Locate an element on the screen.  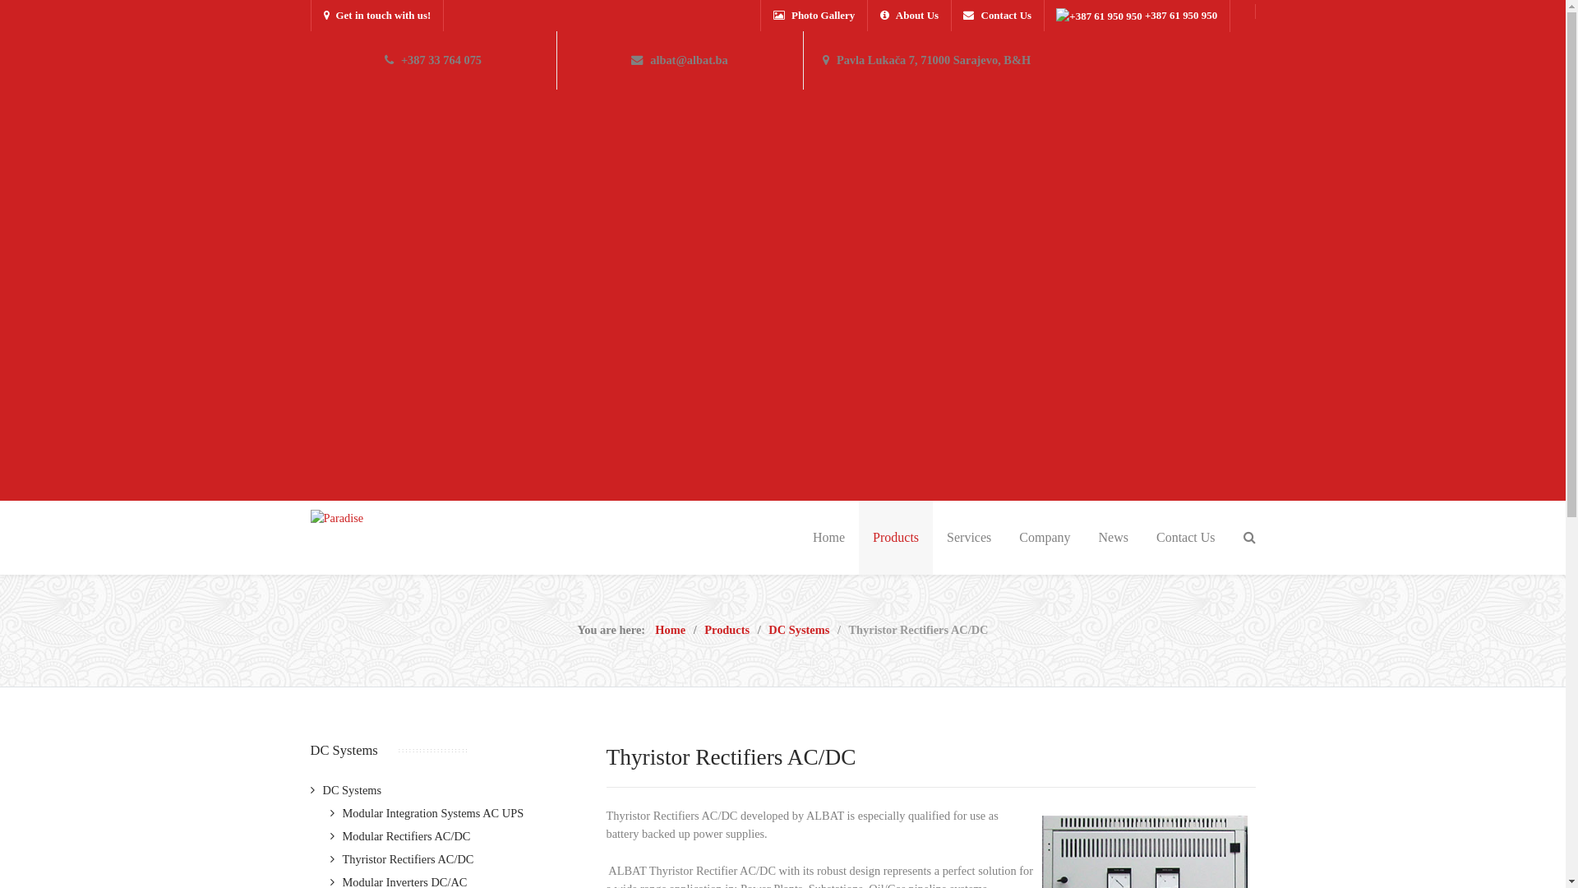
'Home' is located at coordinates (828, 538).